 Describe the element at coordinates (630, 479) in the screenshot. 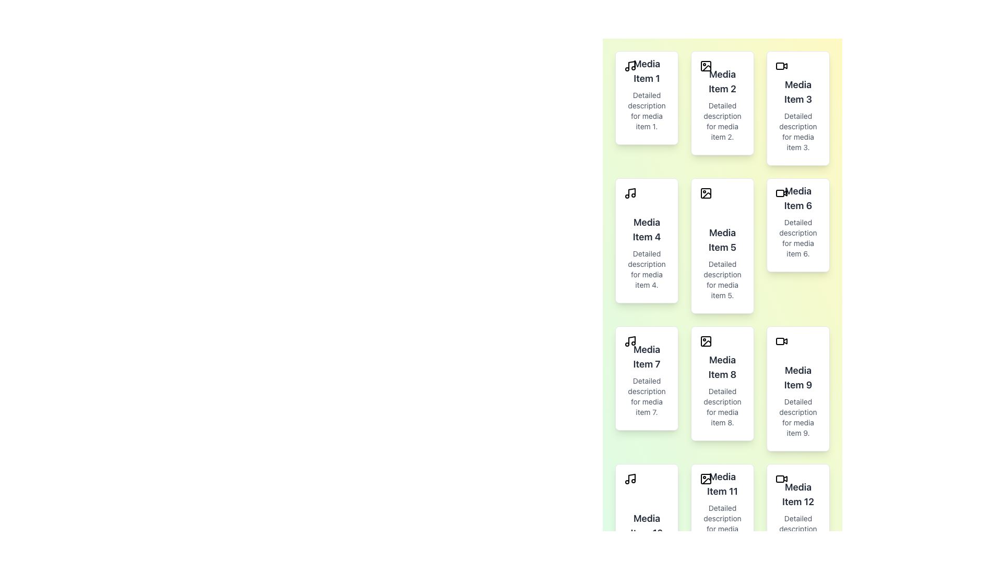

I see `the music-related icon located at the top-left corner of the card representing 'Media Item 10' in the vertical grid layout` at that location.